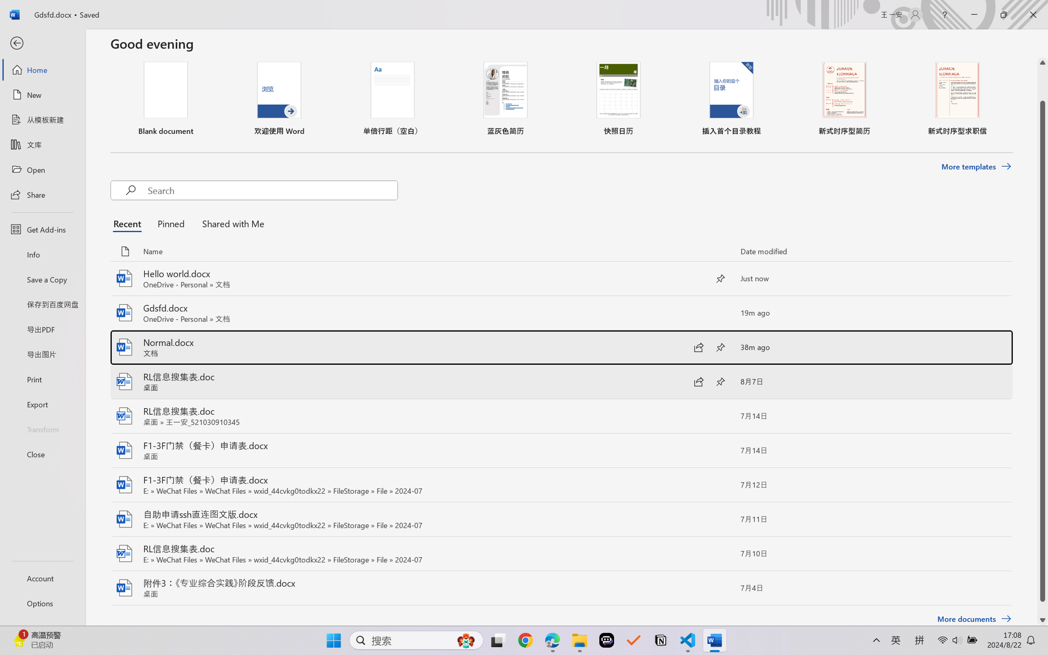 This screenshot has width=1048, height=655. Describe the element at coordinates (42, 404) in the screenshot. I see `'Export'` at that location.